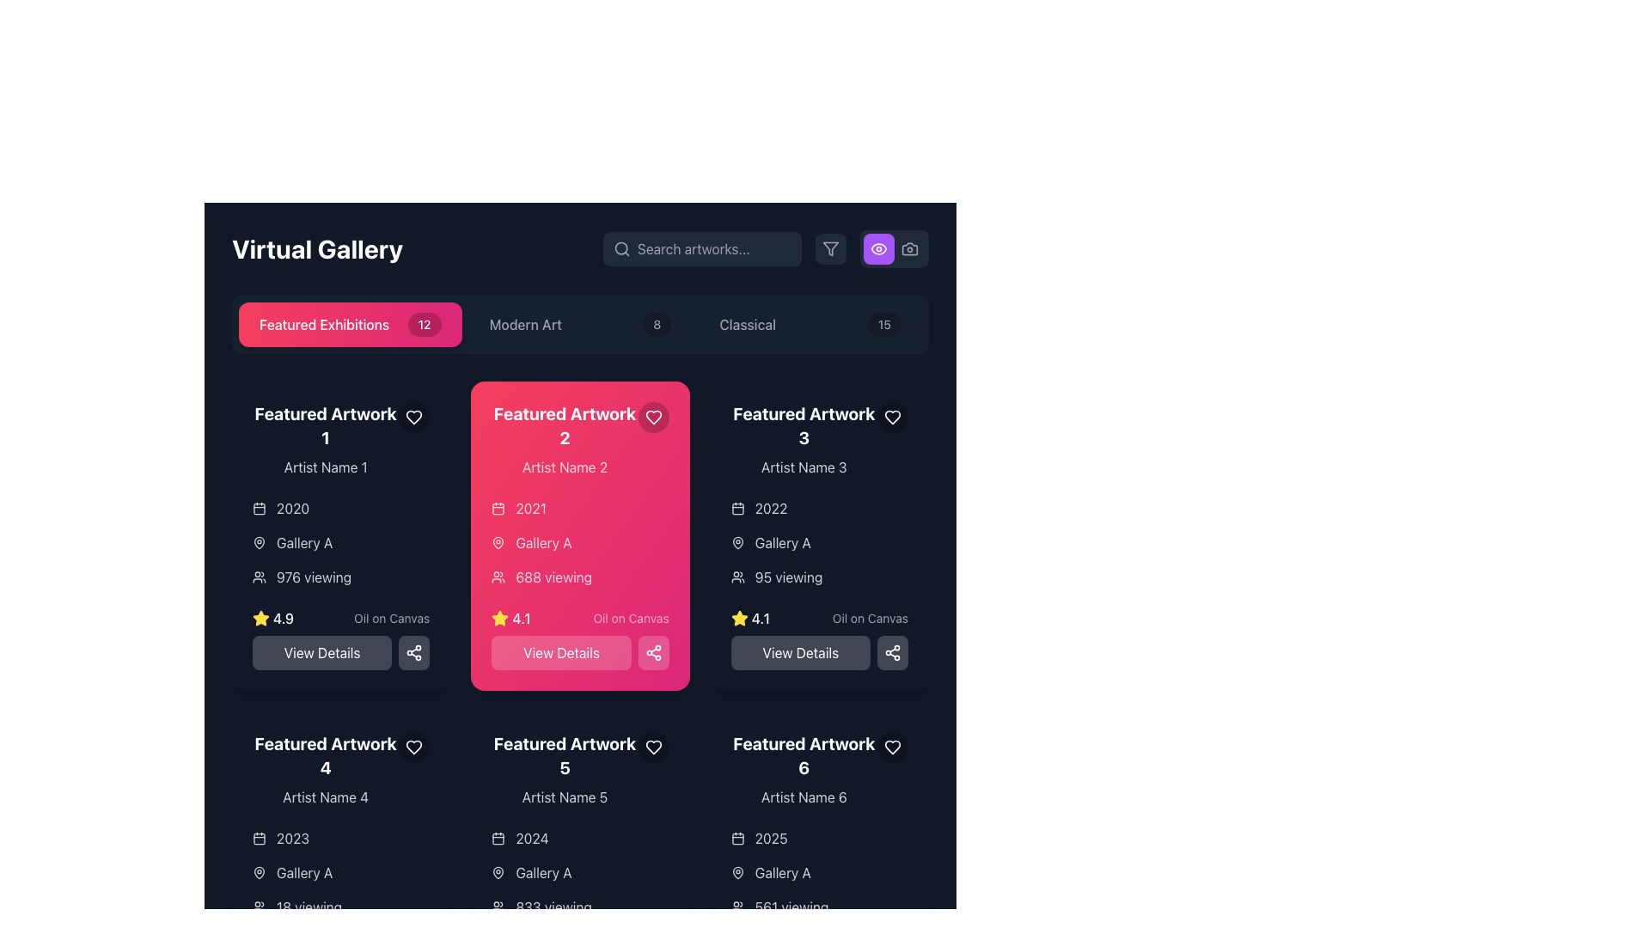 This screenshot has width=1650, height=928. Describe the element at coordinates (414, 418) in the screenshot. I see `the circular button with a black background and a white heart icon located in the 'Featured Artwork 1' section` at that location.